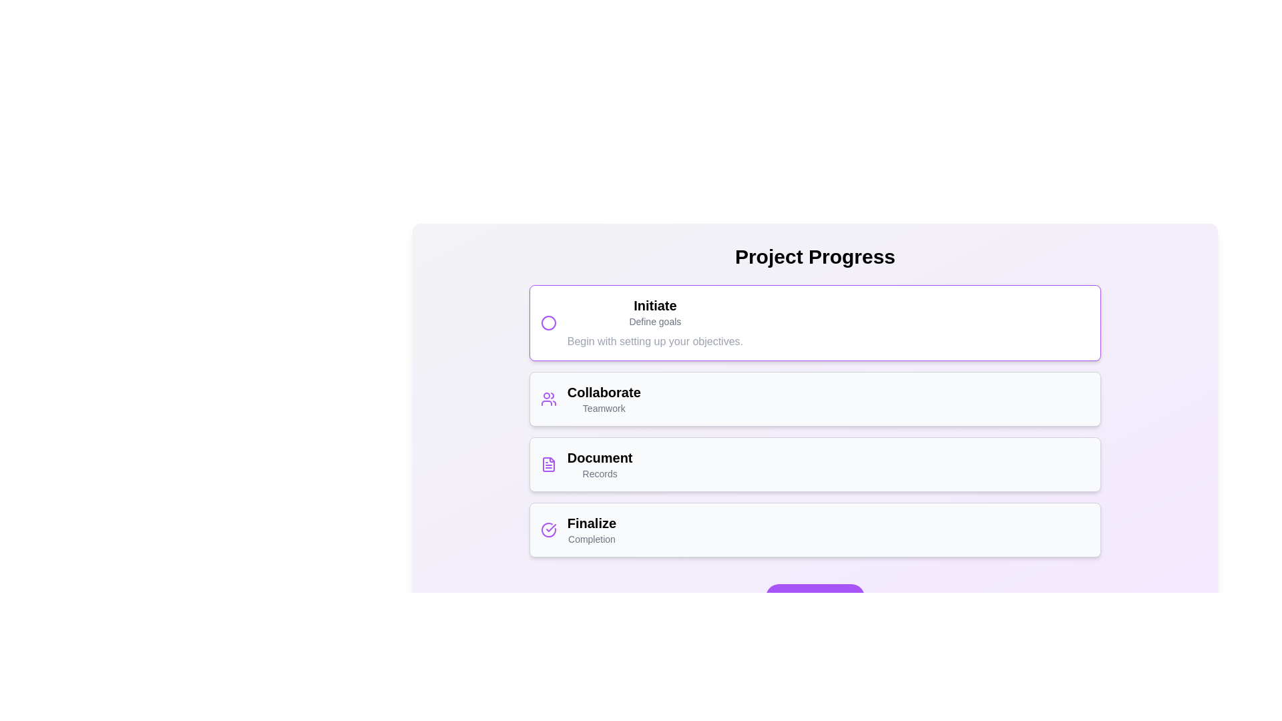  What do you see at coordinates (591, 522) in the screenshot?
I see `the heading label indicating the final stage of the process, located in the lower right section of the interface under the 'Document' section, above the 'Completion' label` at bounding box center [591, 522].